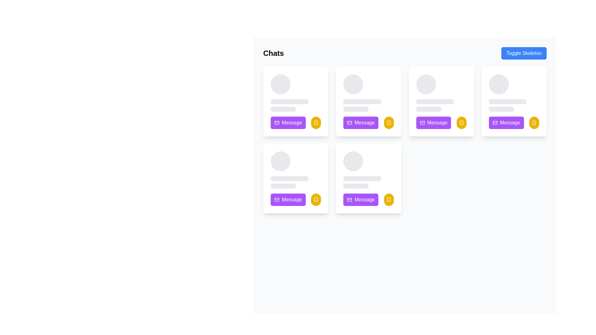 Image resolution: width=596 pixels, height=335 pixels. Describe the element at coordinates (388, 123) in the screenshot. I see `the bookmark icon located at the bottom right of the third card in the top row of the grid to bookmark the card` at that location.